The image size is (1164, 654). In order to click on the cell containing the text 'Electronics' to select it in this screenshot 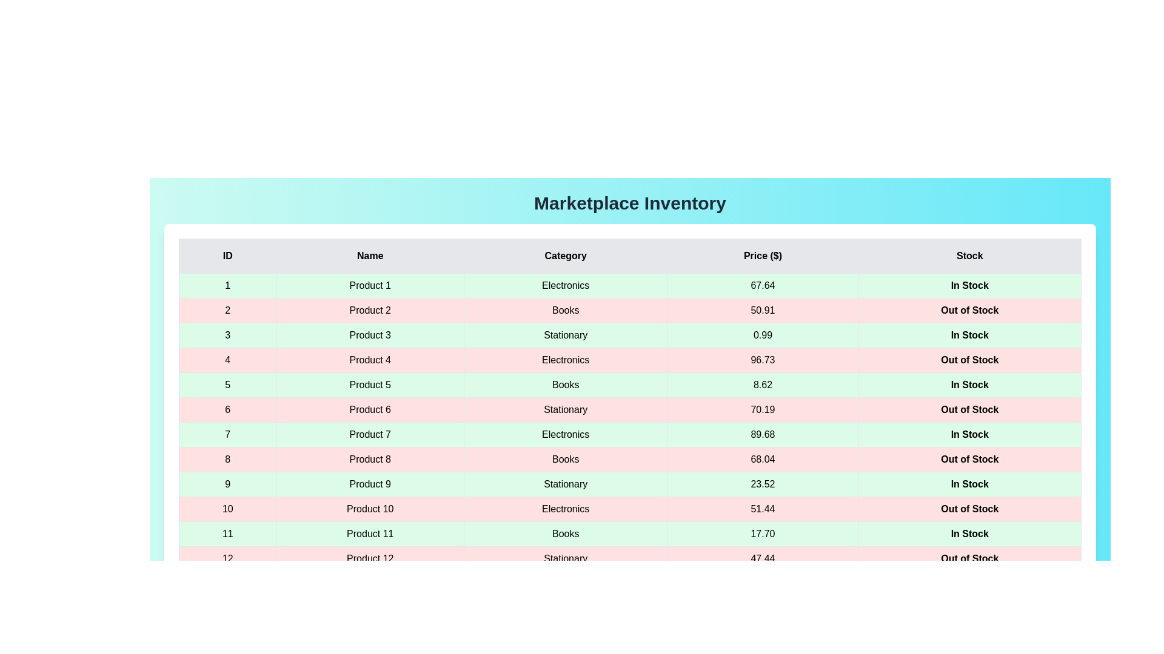, I will do `click(564, 285)`.